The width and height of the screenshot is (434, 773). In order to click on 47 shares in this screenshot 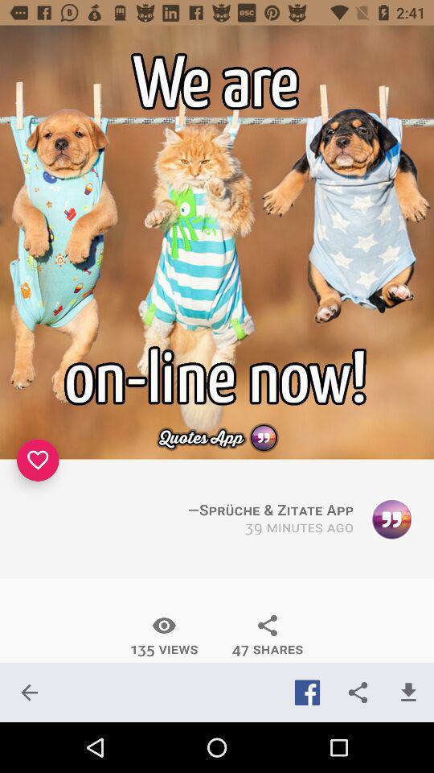, I will do `click(268, 635)`.